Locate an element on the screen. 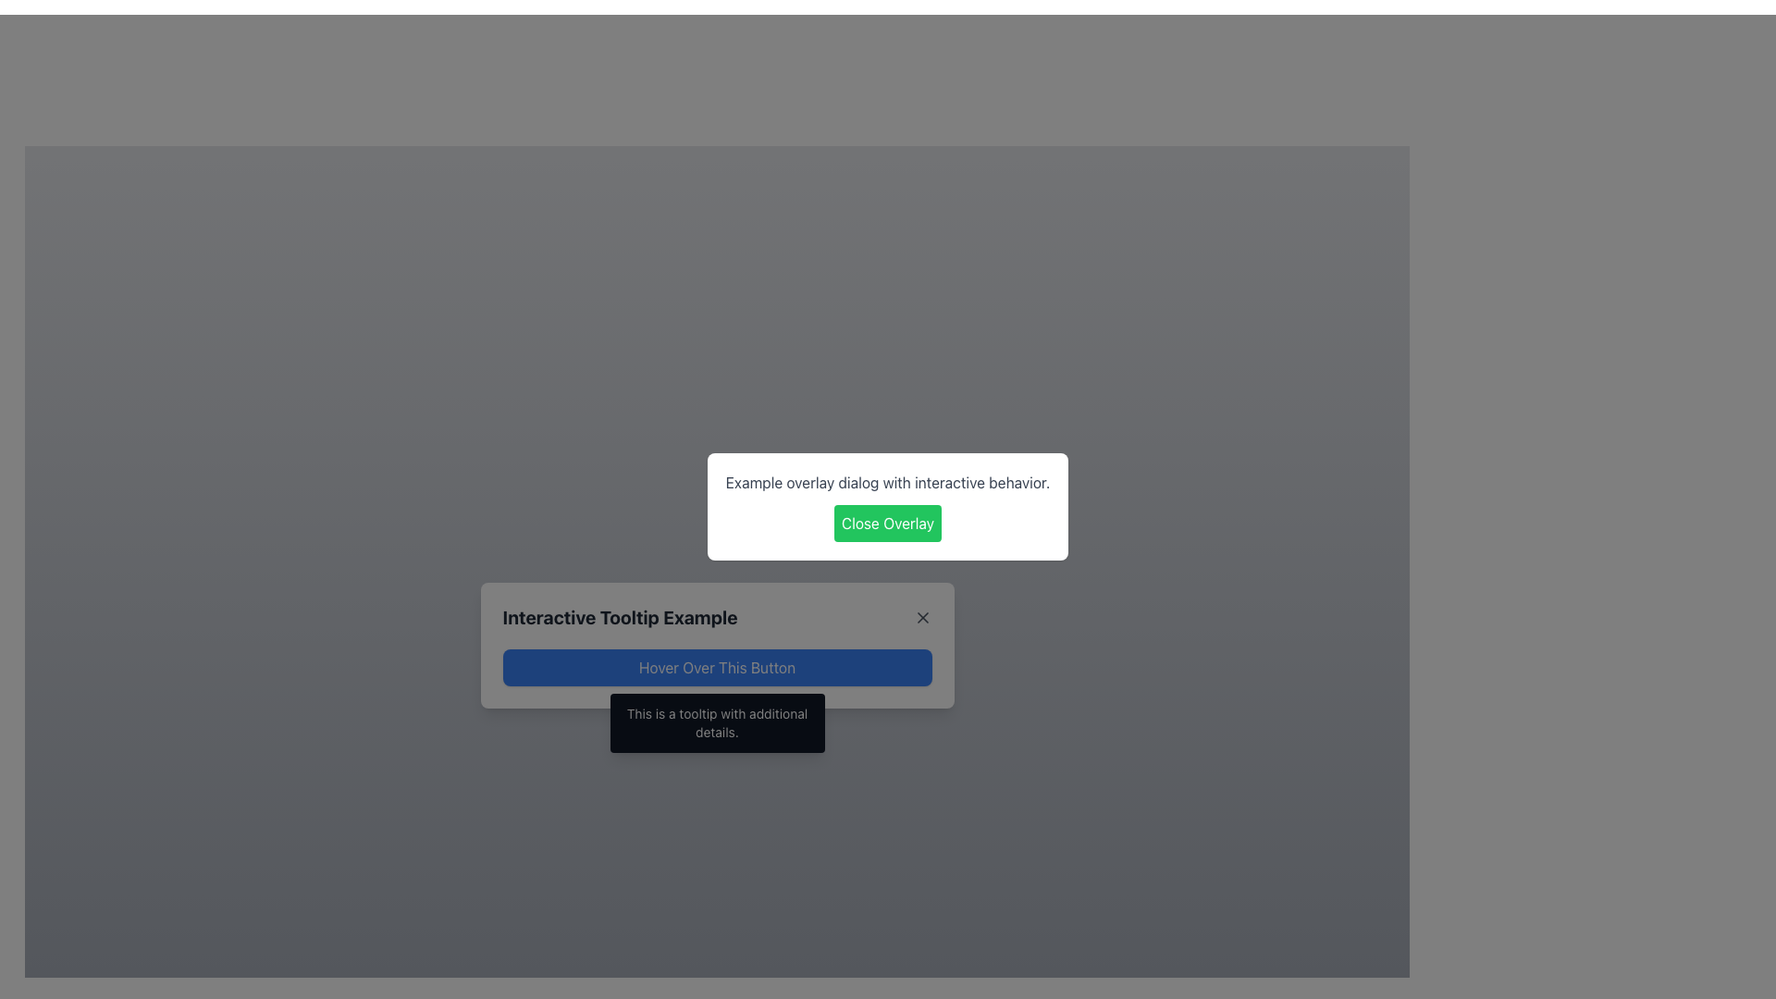 The width and height of the screenshot is (1776, 999). the Static Text element that provides context or information about the overlay dialog, located above the 'Close Overlay' green button is located at coordinates (888, 481).